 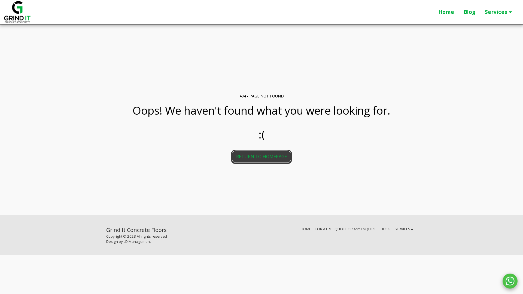 I want to click on 'SERVICES  ', so click(x=395, y=229).